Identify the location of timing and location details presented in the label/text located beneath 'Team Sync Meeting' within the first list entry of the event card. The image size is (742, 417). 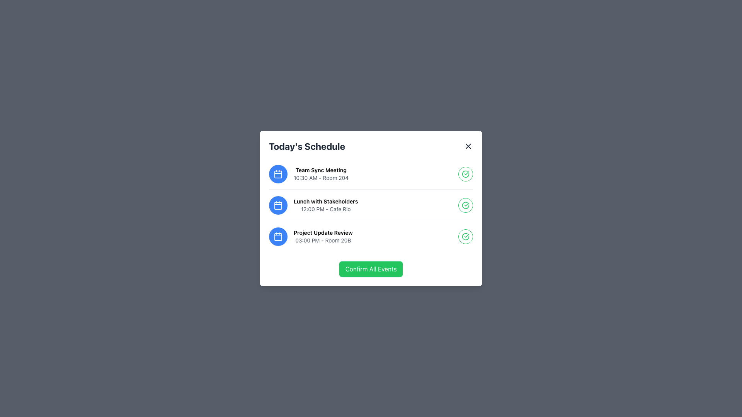
(321, 178).